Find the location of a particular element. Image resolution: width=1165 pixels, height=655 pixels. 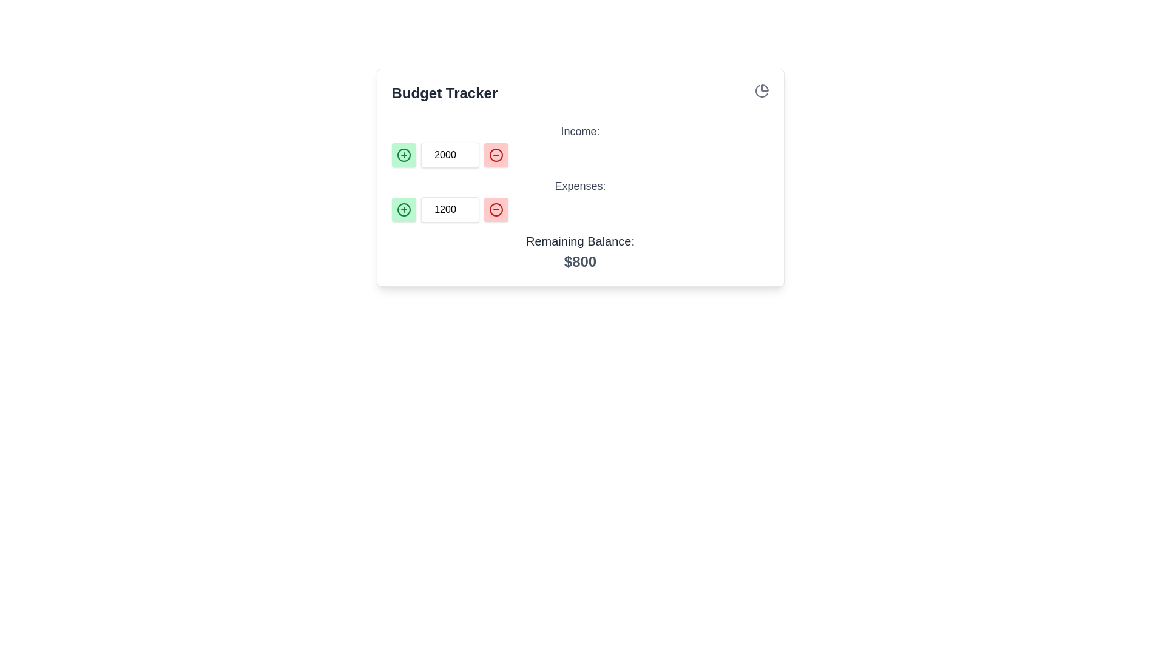

the circular green outlined icon button with a green plus symbol (+) in the Budget Tracker's second row, located to the left of the '1200' input field is located at coordinates (404, 154).